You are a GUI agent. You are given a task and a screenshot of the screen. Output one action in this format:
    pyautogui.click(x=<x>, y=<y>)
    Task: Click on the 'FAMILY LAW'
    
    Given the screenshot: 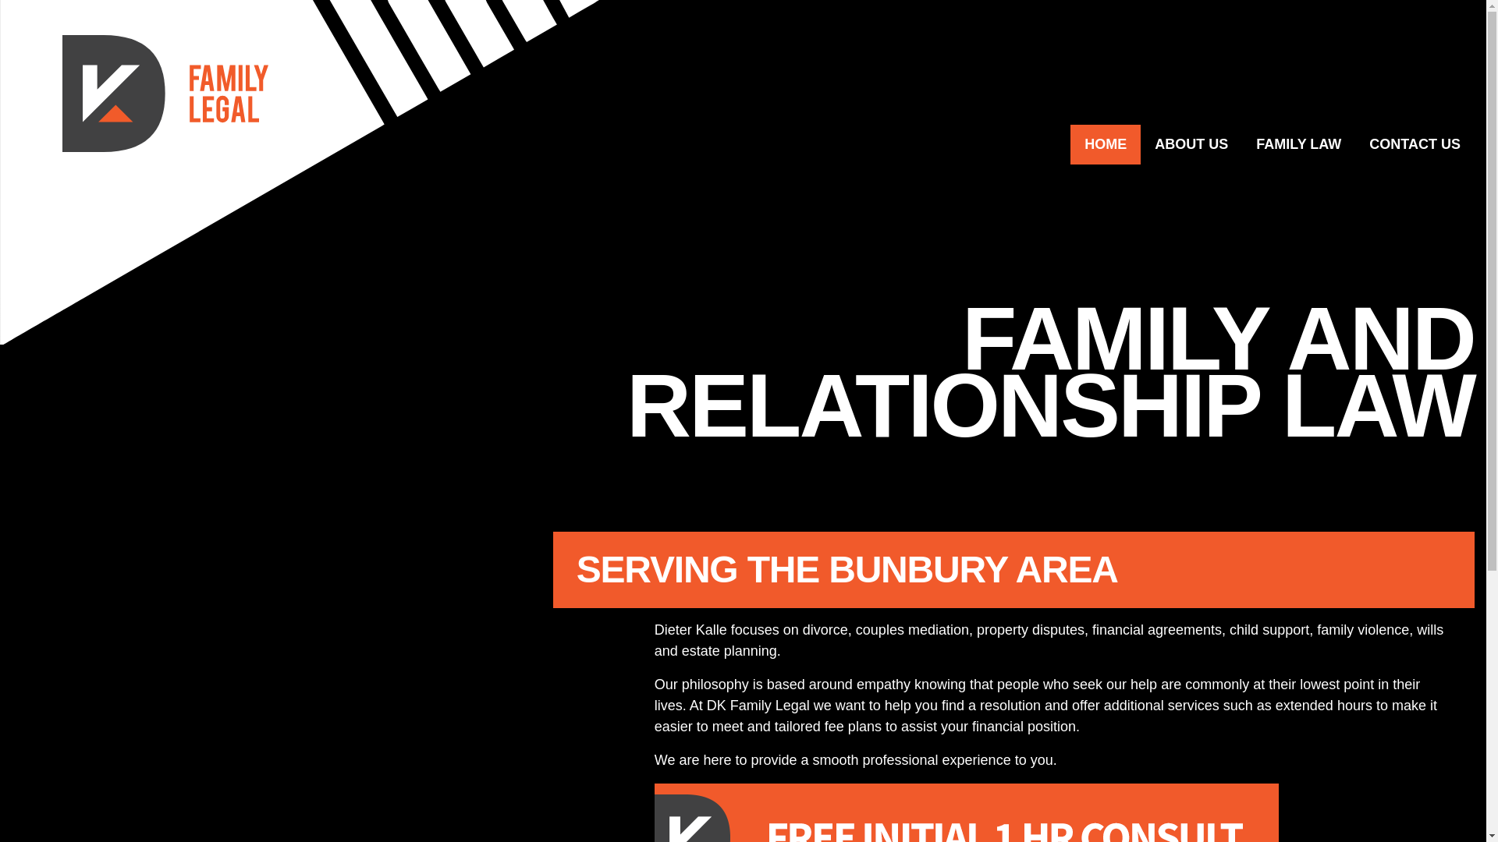 What is the action you would take?
    pyautogui.click(x=1298, y=144)
    